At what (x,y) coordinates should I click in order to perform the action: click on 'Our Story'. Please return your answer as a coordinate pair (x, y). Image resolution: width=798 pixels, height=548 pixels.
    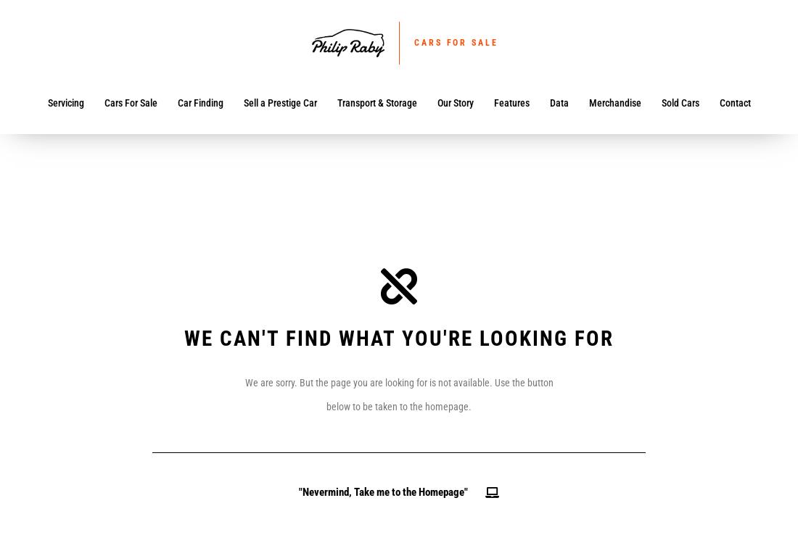
    Looking at the image, I should click on (455, 102).